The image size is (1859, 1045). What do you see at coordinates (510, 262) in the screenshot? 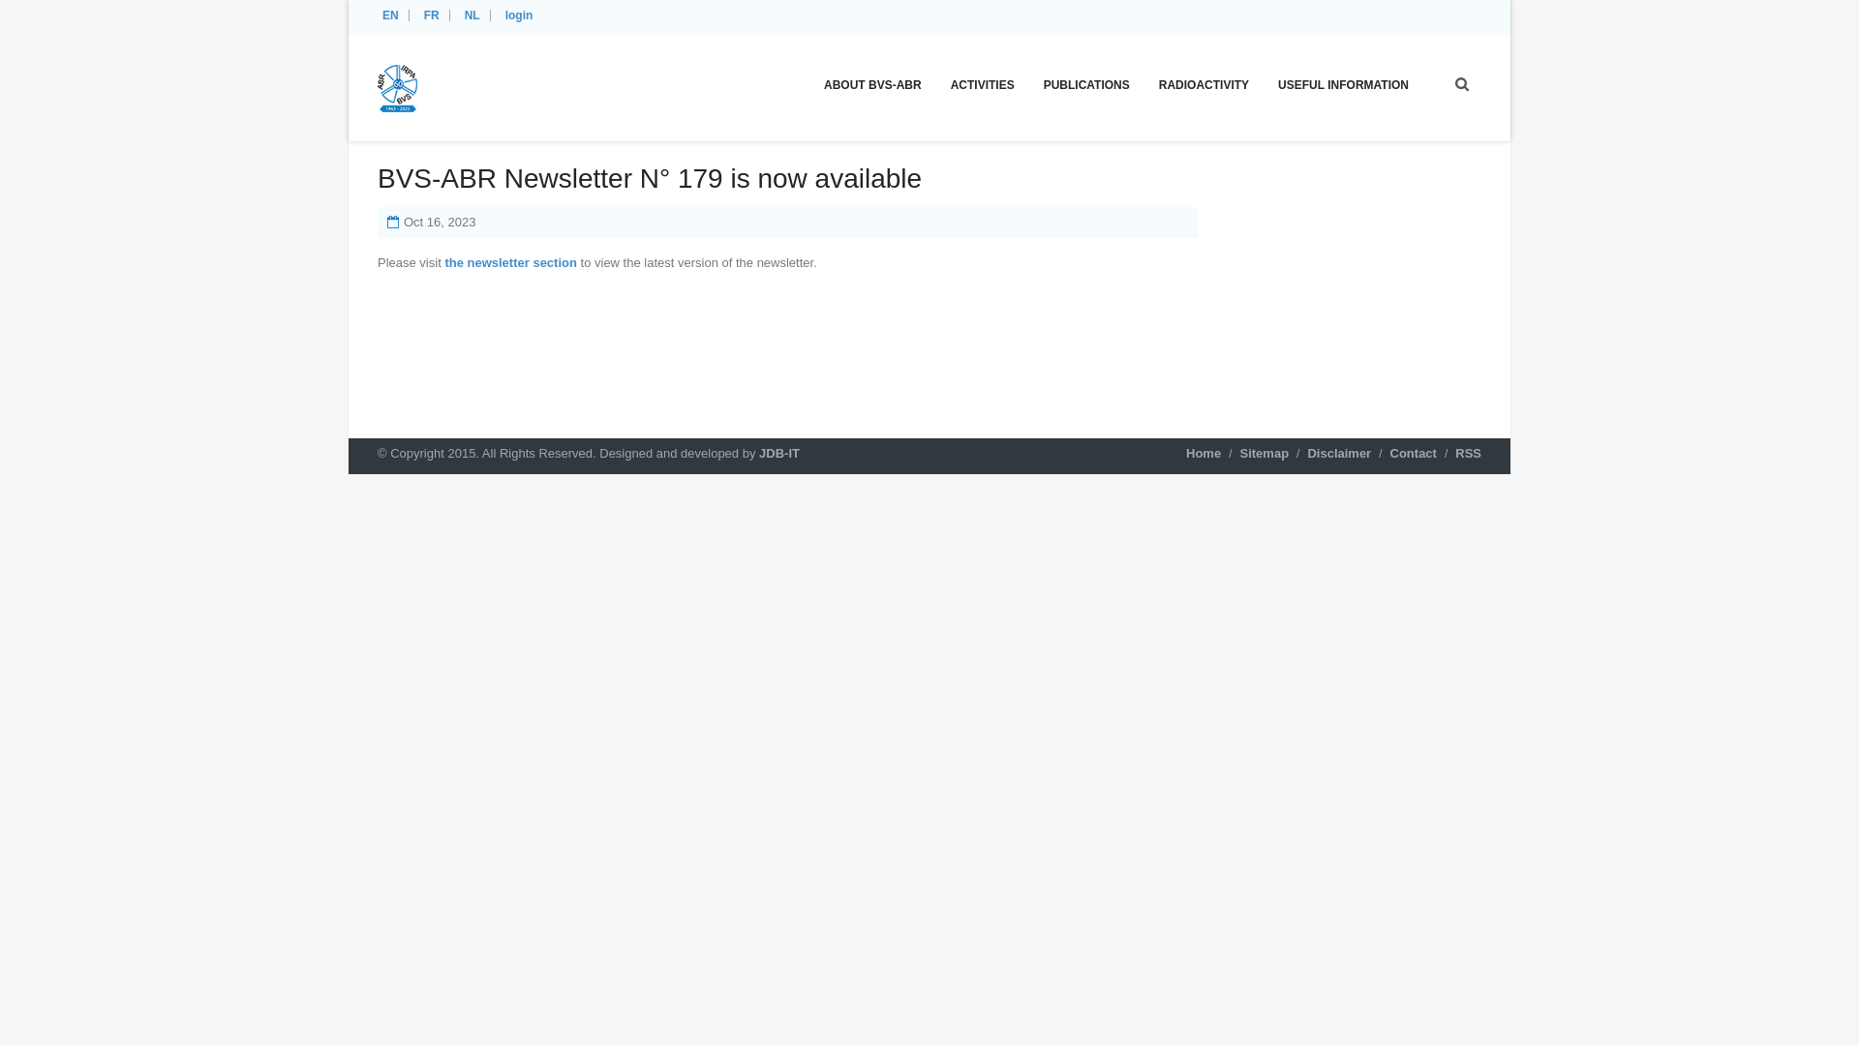
I see `'the newsletter section'` at bounding box center [510, 262].